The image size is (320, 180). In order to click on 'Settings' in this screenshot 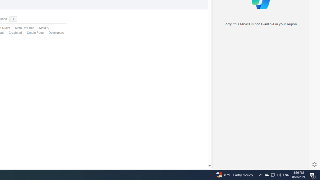, I will do `click(314, 164)`.